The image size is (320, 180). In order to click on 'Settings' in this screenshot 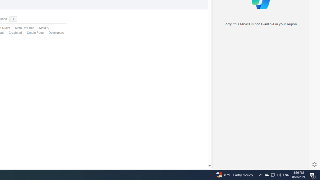, I will do `click(314, 164)`.